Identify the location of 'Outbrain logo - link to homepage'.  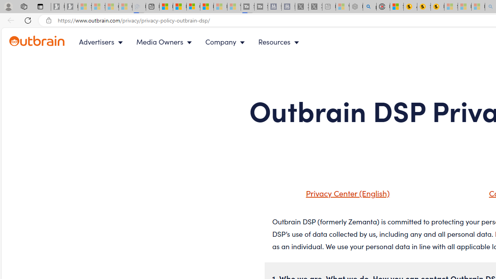
(46, 42).